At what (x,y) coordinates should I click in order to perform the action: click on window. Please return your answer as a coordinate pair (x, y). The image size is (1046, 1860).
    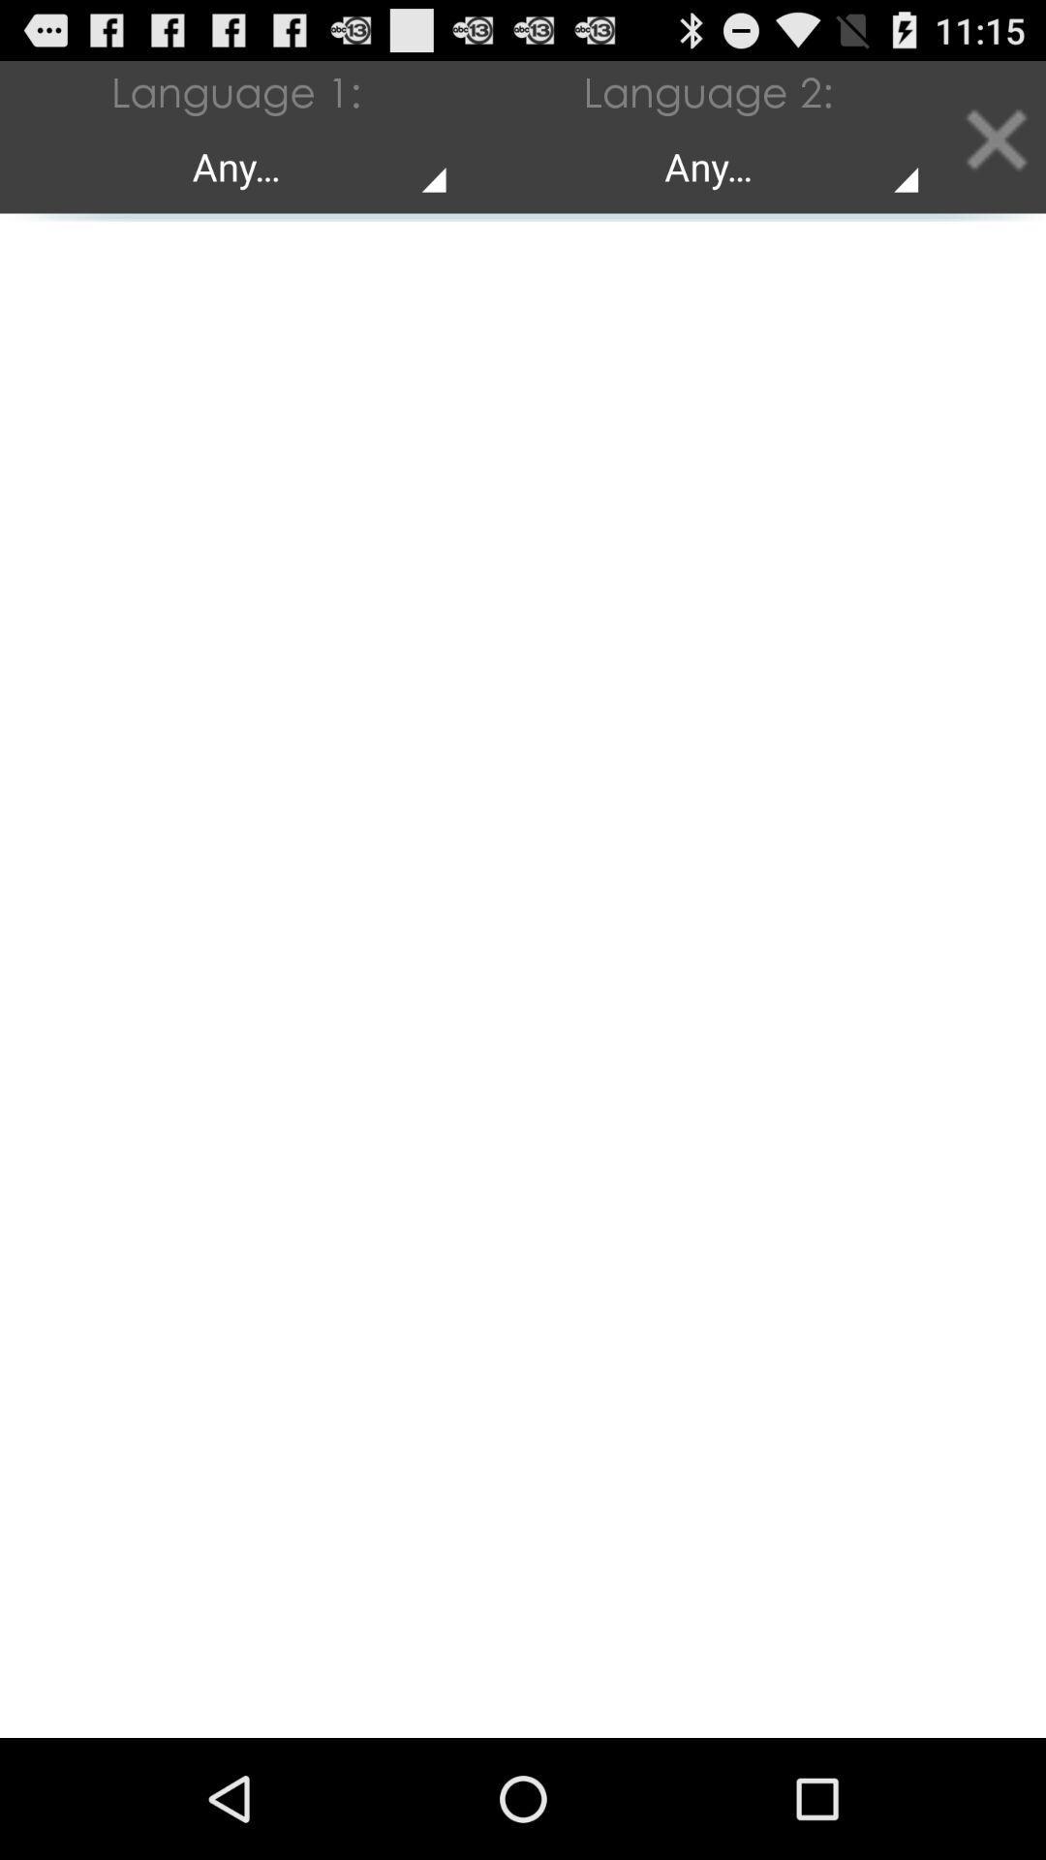
    Looking at the image, I should click on (995, 136).